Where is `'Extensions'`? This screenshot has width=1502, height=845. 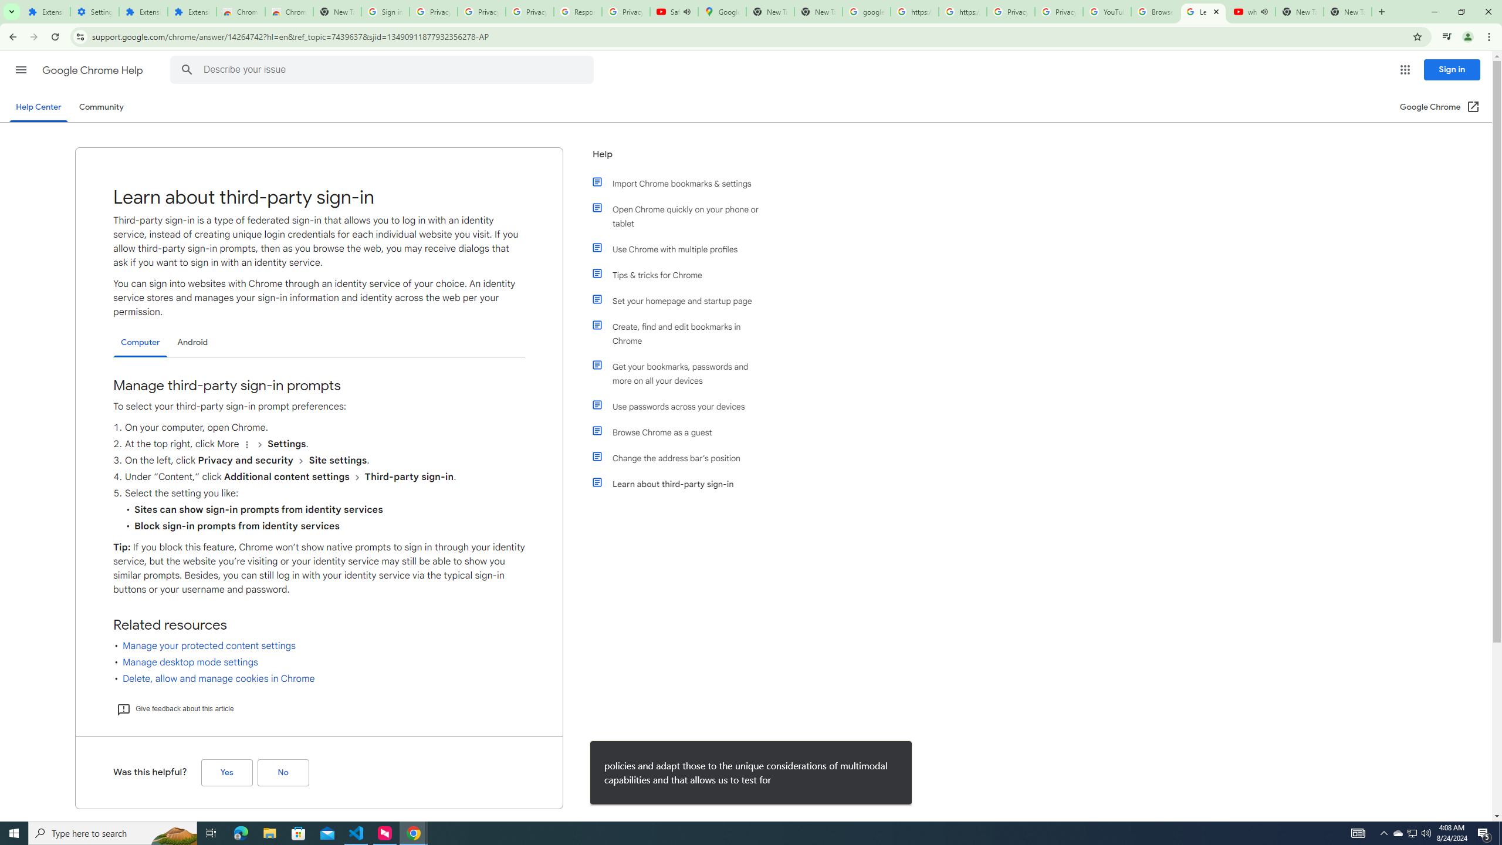 'Extensions' is located at coordinates (45, 11).